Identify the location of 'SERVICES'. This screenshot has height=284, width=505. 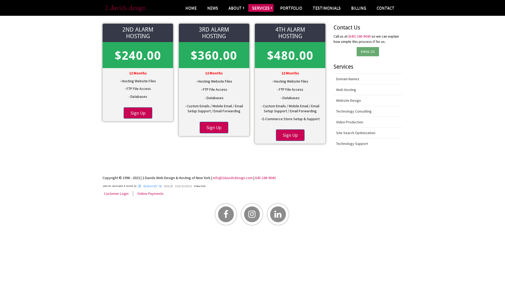
(248, 8).